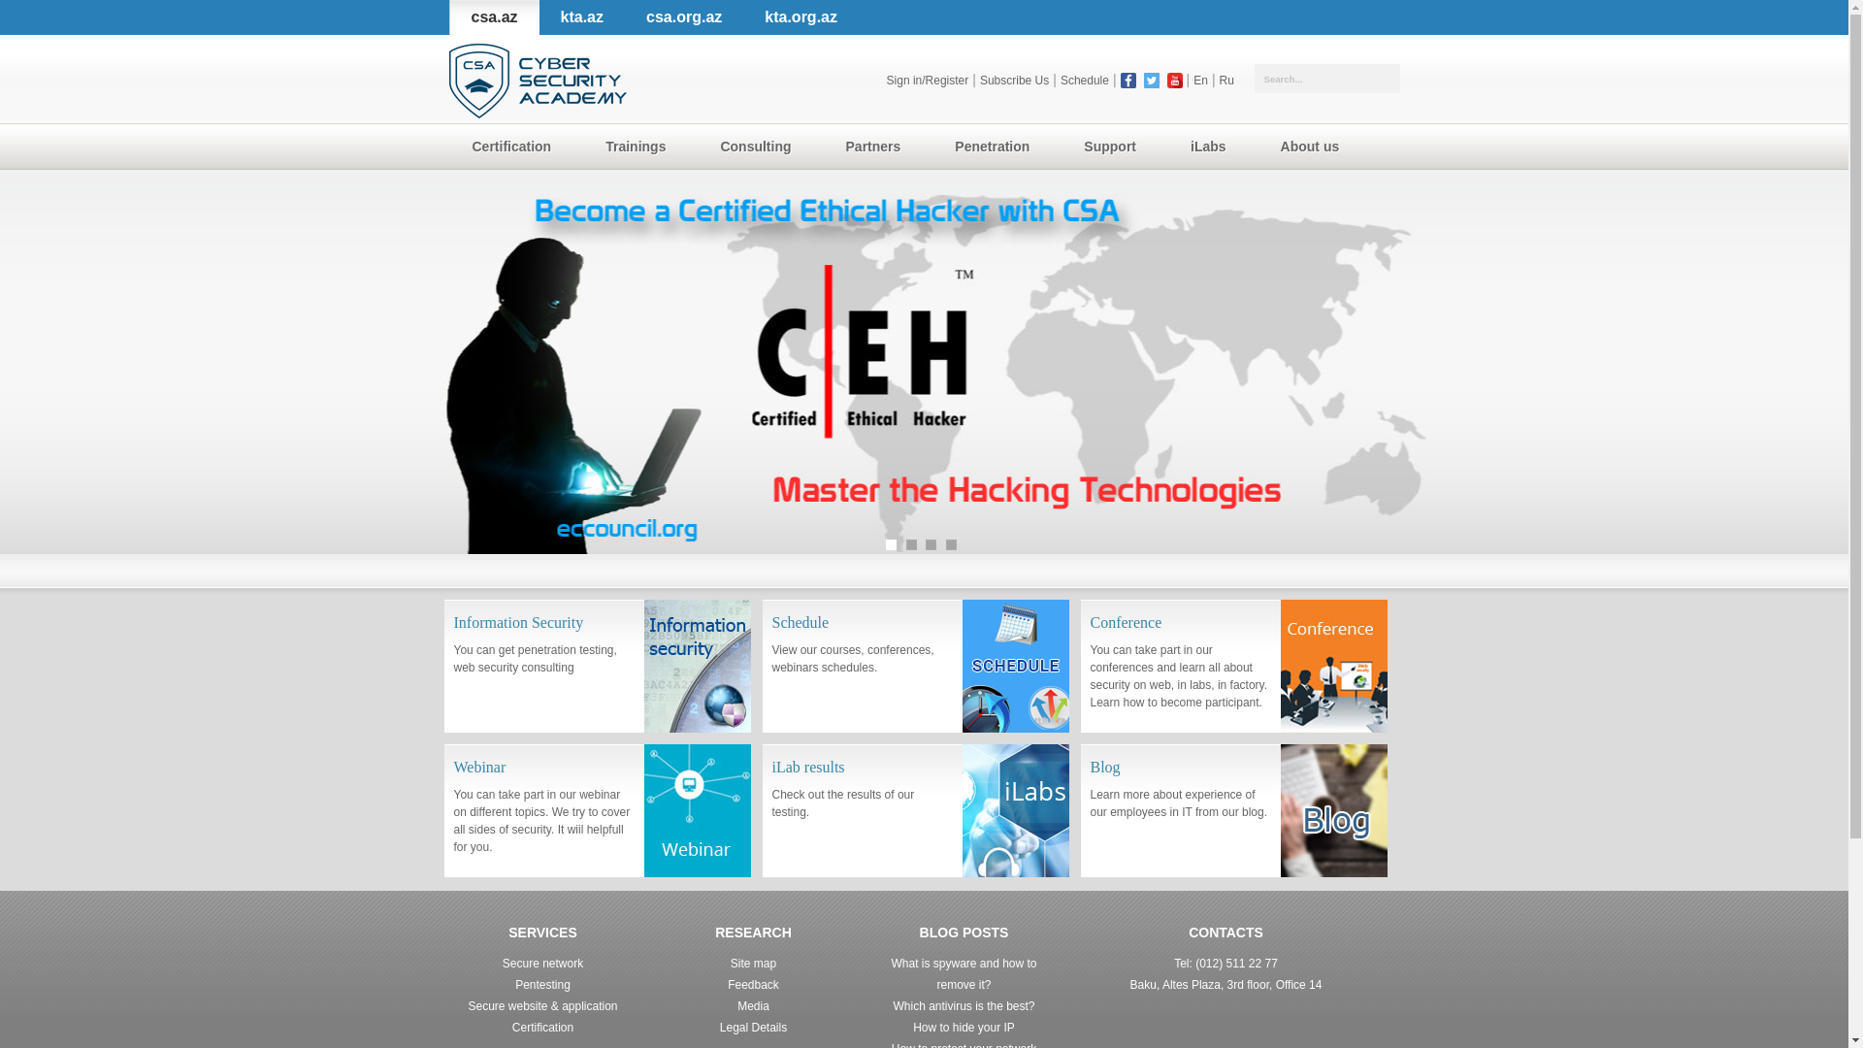  I want to click on 'iLab results, so click(915, 810).